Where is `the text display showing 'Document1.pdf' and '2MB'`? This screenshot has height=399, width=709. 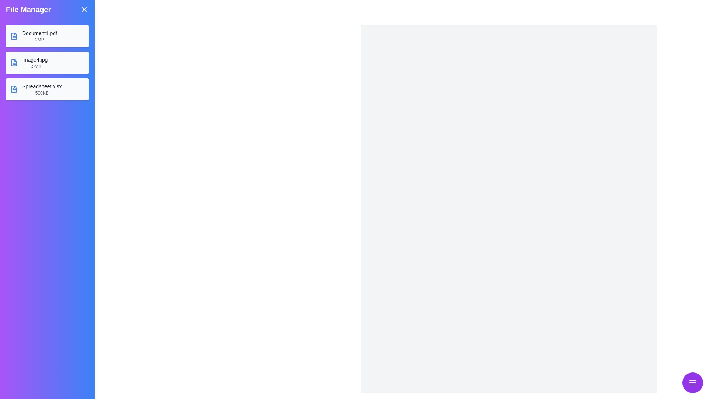 the text display showing 'Document1.pdf' and '2MB' is located at coordinates (39, 36).